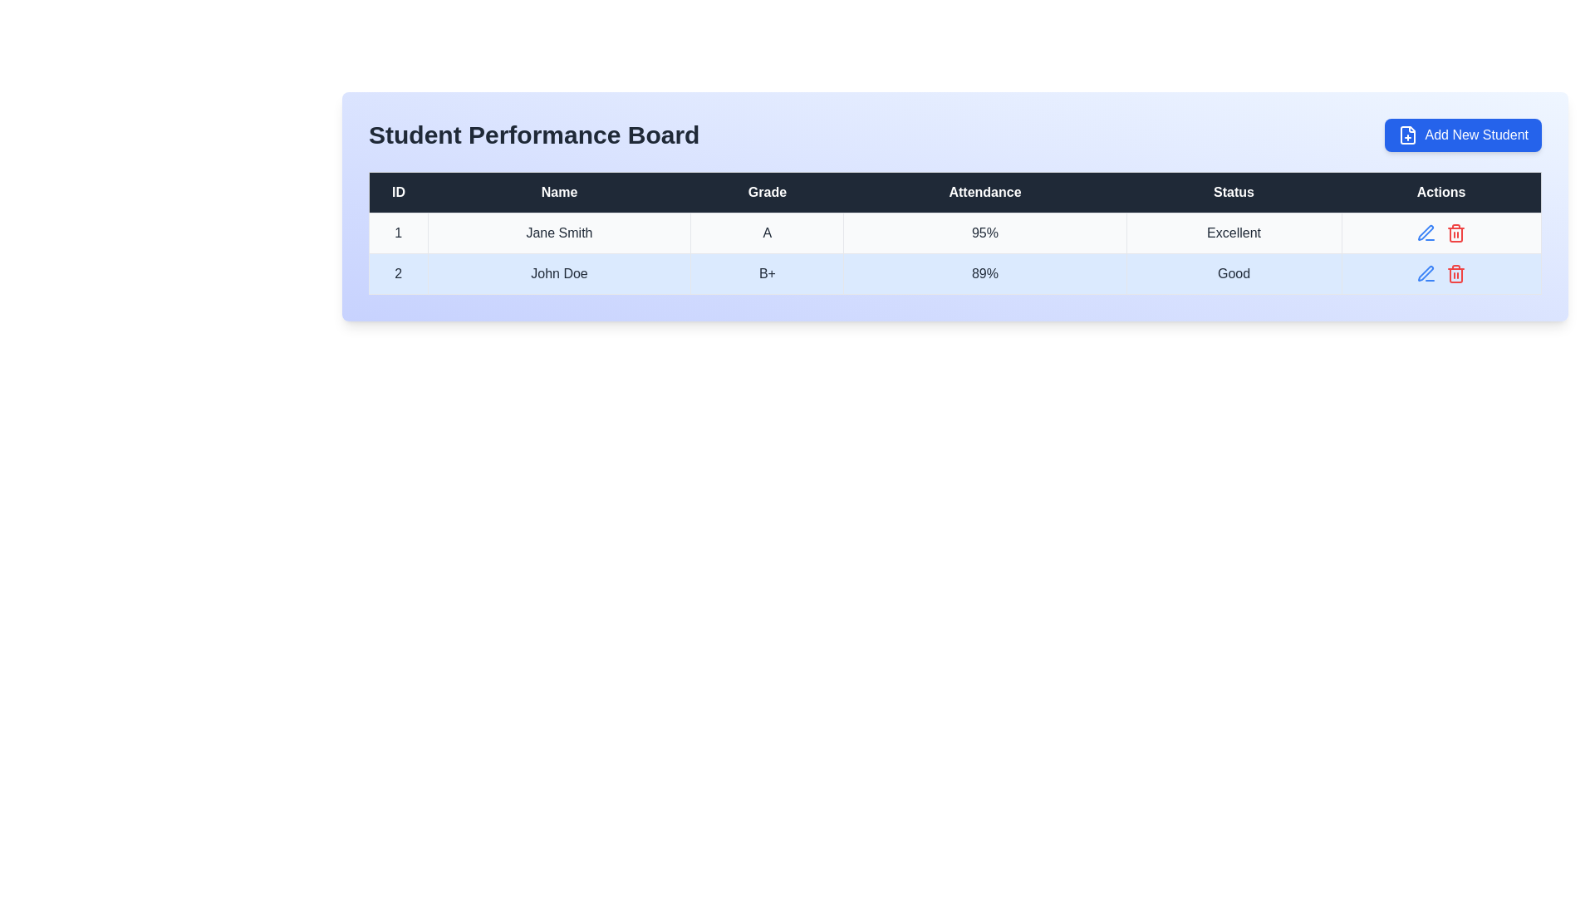 Image resolution: width=1595 pixels, height=897 pixels. What do you see at coordinates (766, 191) in the screenshot?
I see `the Table Header Cell indicating grades of students, located centrally between 'Name' and 'Attendance' in the header row of the Student Performance Board` at bounding box center [766, 191].